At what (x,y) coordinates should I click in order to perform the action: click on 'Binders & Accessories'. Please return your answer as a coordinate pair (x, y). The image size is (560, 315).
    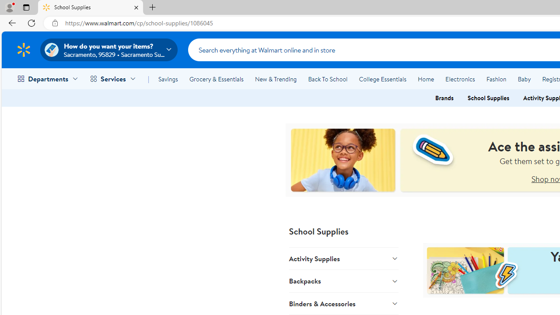
    Looking at the image, I should click on (343, 303).